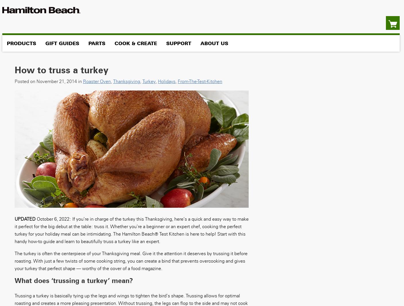 The width and height of the screenshot is (404, 306). Describe the element at coordinates (96, 81) in the screenshot. I see `'roaster oven'` at that location.